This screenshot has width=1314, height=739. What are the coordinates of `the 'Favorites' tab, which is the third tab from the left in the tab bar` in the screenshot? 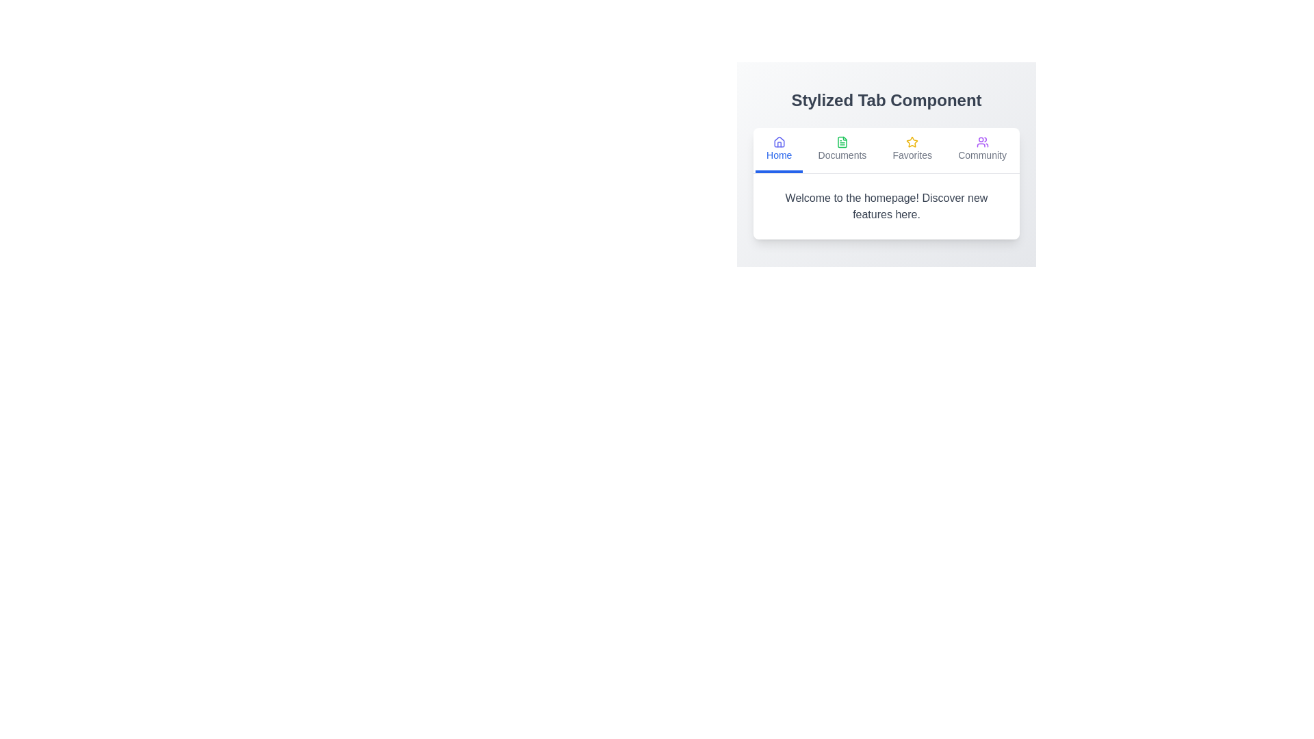 It's located at (912, 150).